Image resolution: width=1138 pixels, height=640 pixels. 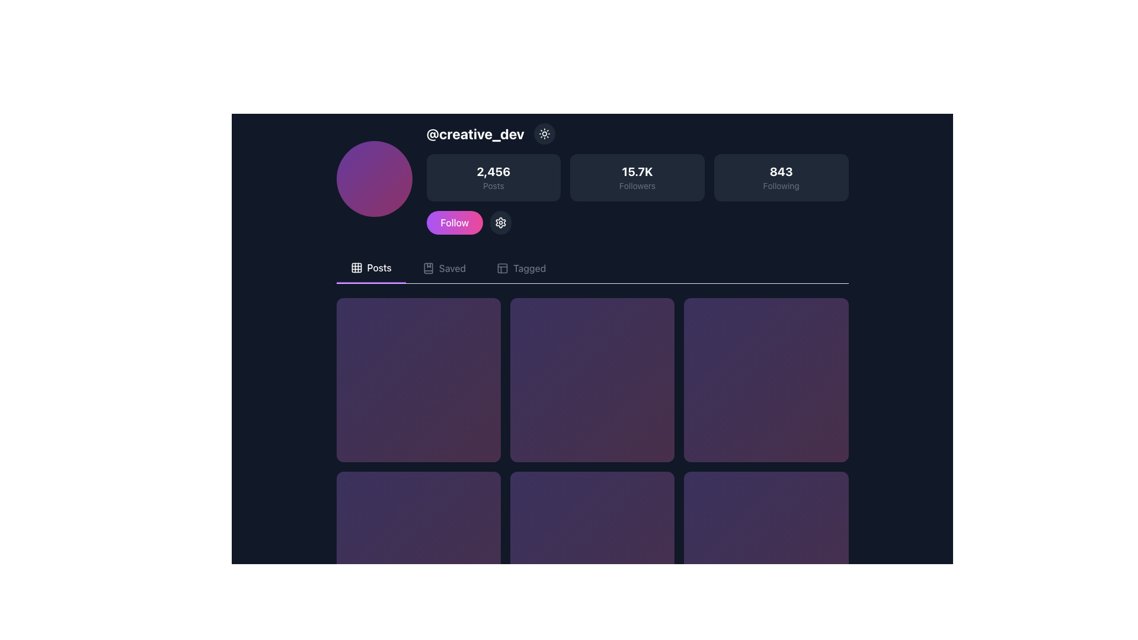 I want to click on the vertical bookmark icon located within the category selection bar, immediately to the left of the 'Saved' title, so click(x=427, y=268).